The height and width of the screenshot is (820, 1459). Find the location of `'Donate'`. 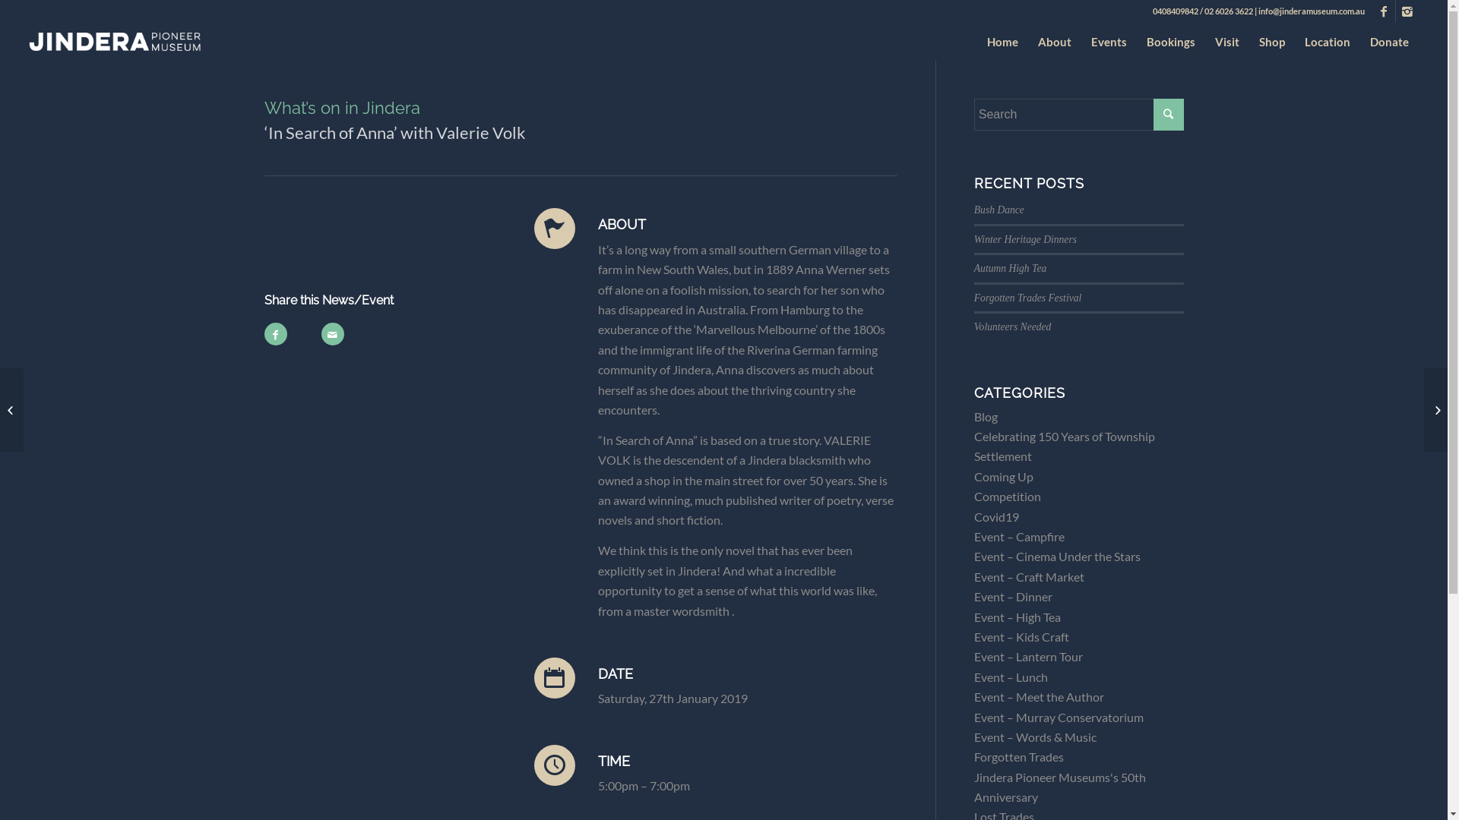

'Donate' is located at coordinates (1389, 40).